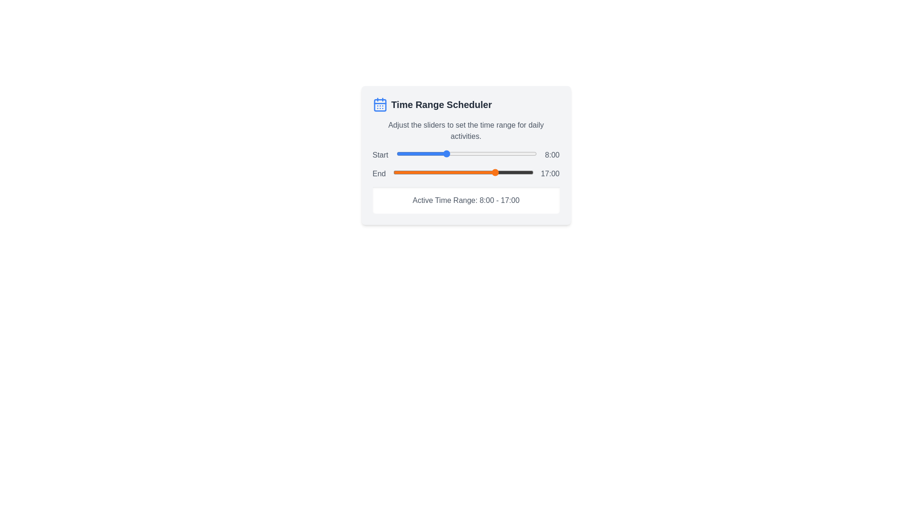  I want to click on the start time slider to 1 hours, so click(402, 153).